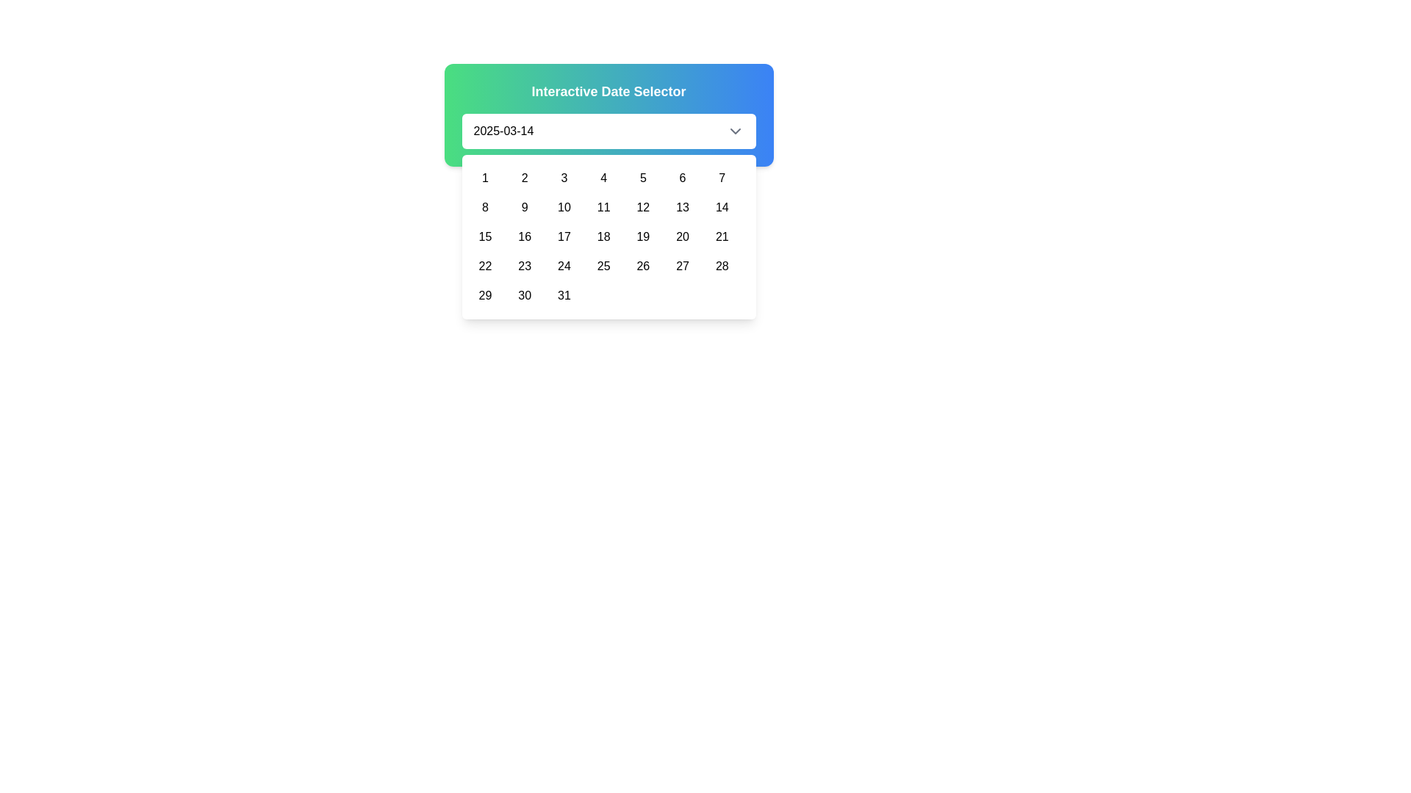 The height and width of the screenshot is (793, 1411). Describe the element at coordinates (608, 236) in the screenshot. I see `any day in the Calendar Grid` at that location.